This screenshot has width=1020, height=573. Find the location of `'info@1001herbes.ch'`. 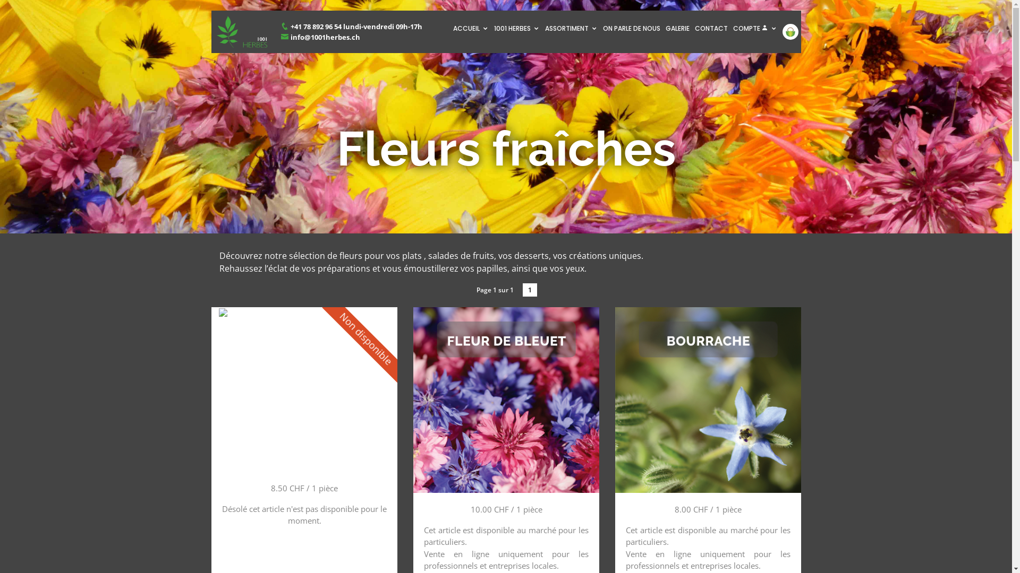

'info@1001herbes.ch' is located at coordinates (320, 36).